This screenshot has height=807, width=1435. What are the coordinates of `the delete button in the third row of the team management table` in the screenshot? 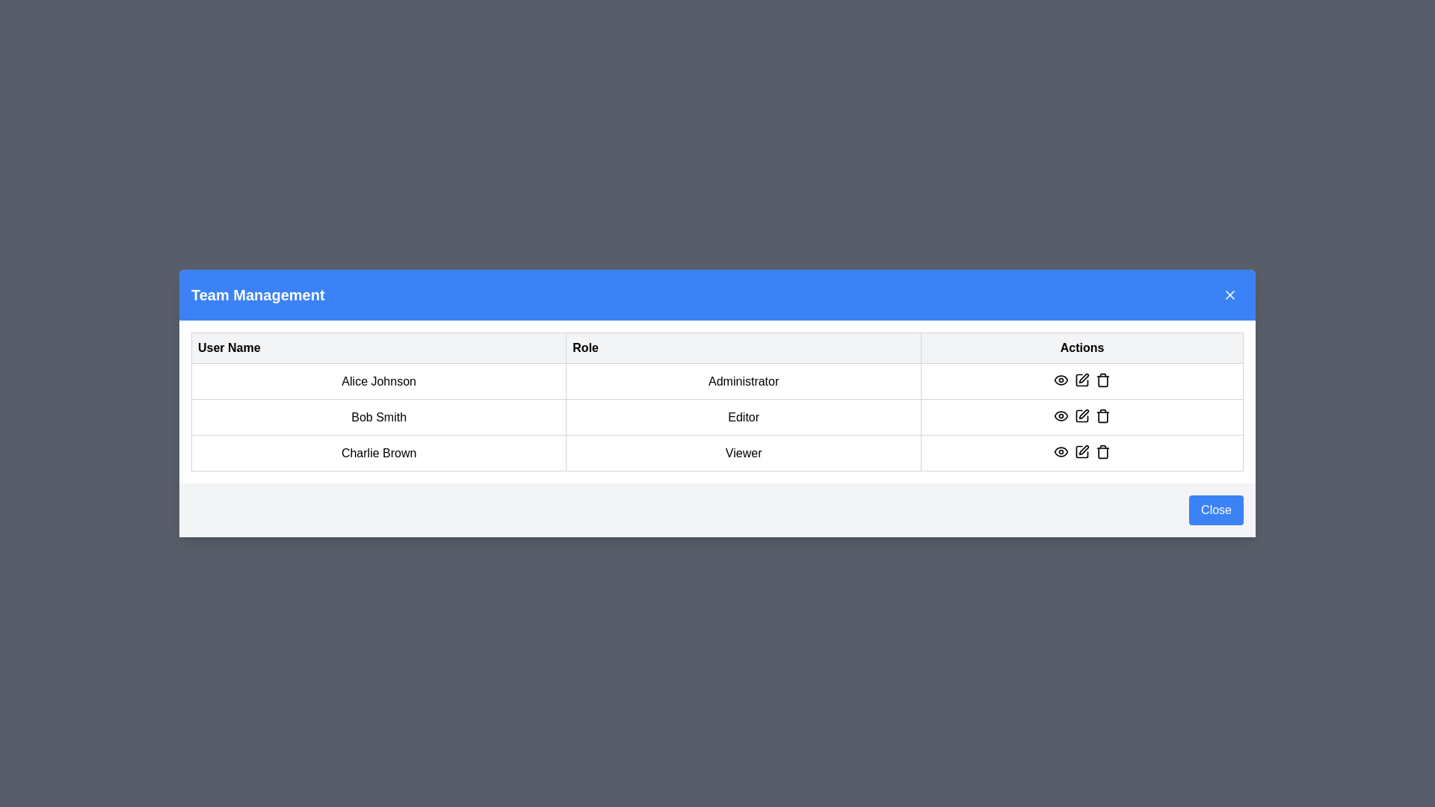 It's located at (1103, 415).